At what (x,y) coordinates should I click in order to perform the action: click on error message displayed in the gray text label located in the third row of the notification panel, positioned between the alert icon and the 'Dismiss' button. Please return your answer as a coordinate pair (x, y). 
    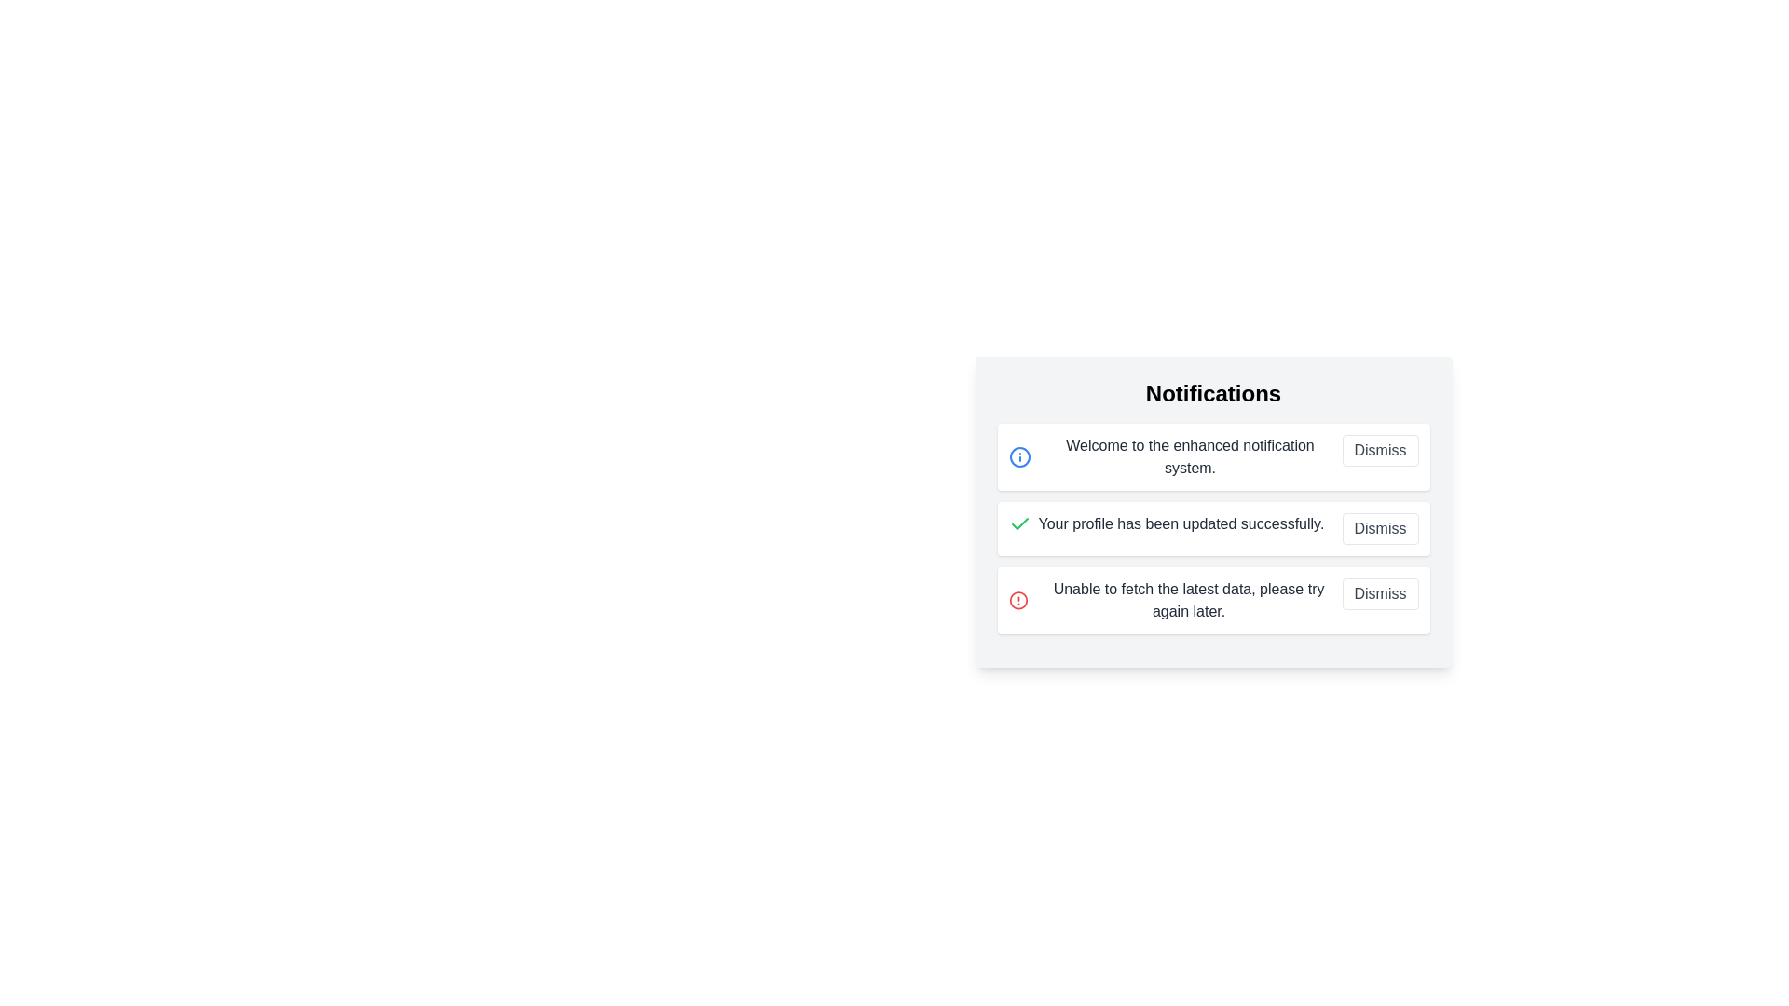
    Looking at the image, I should click on (1188, 600).